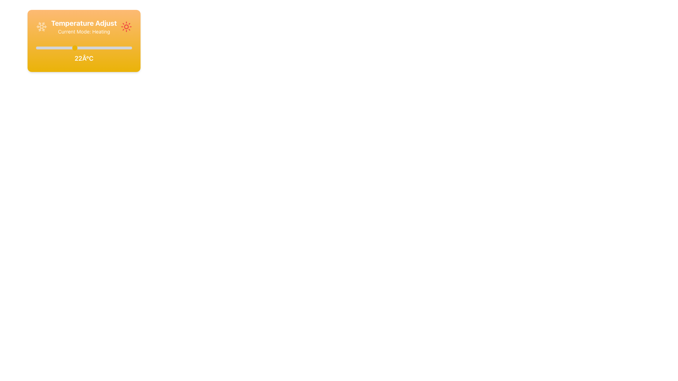 This screenshot has height=381, width=678. What do you see at coordinates (84, 41) in the screenshot?
I see `the interactive temperature control interface to receive additional UI feedback about its functionality` at bounding box center [84, 41].